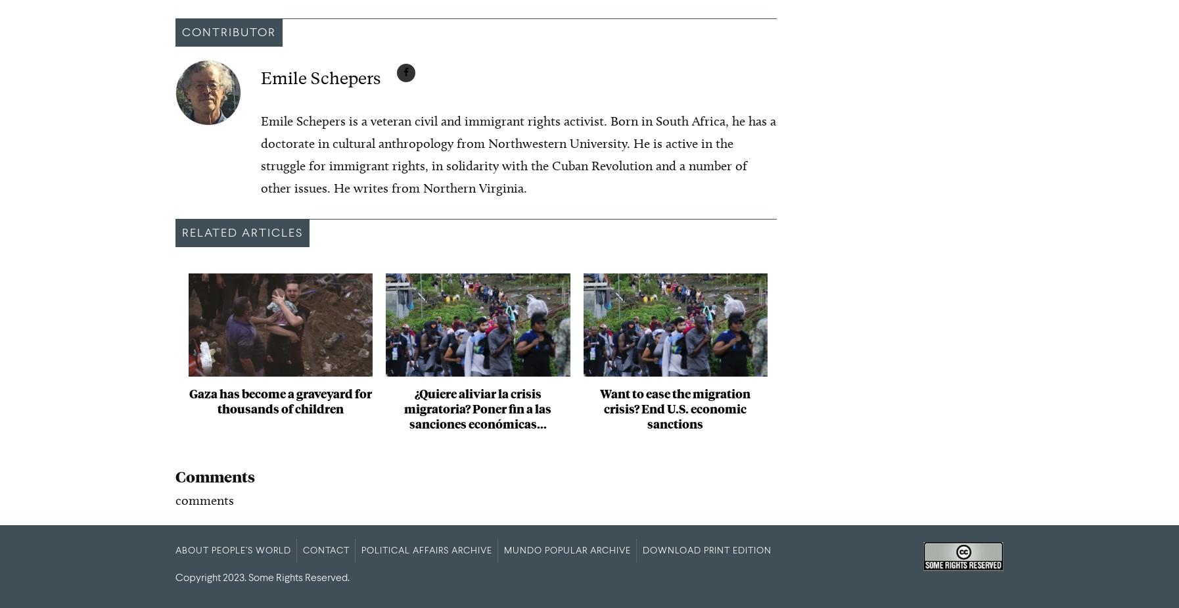  I want to click on 'Emile Schepers is a veteran civil and immigrant rights activist. Born in South Africa, he has a doctorate in cultural anthropology from Northwestern University. He is active in the struggle for immigrant rights, in solidarity with the Cuban Revolution and a number of other issues. He writes from Northern Virginia.', so click(519, 154).